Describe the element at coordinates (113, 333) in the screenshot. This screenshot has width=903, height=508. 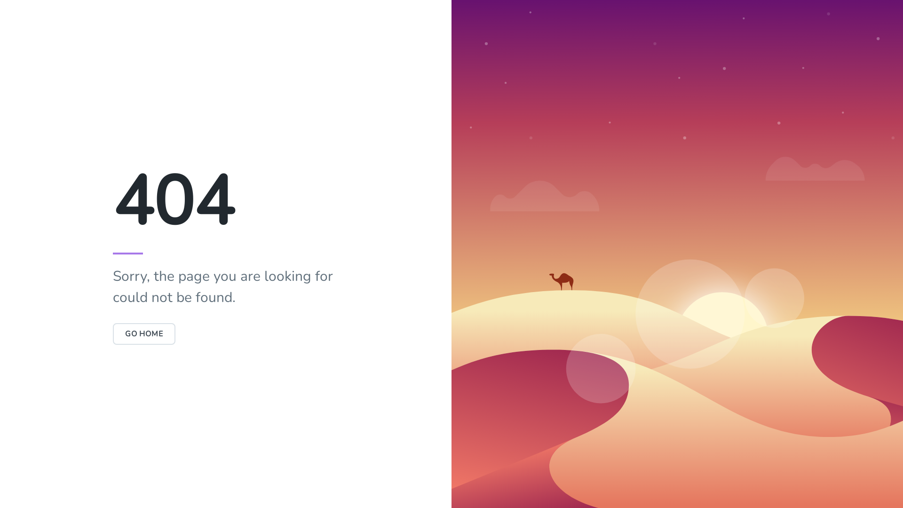
I see `'GO HOME'` at that location.